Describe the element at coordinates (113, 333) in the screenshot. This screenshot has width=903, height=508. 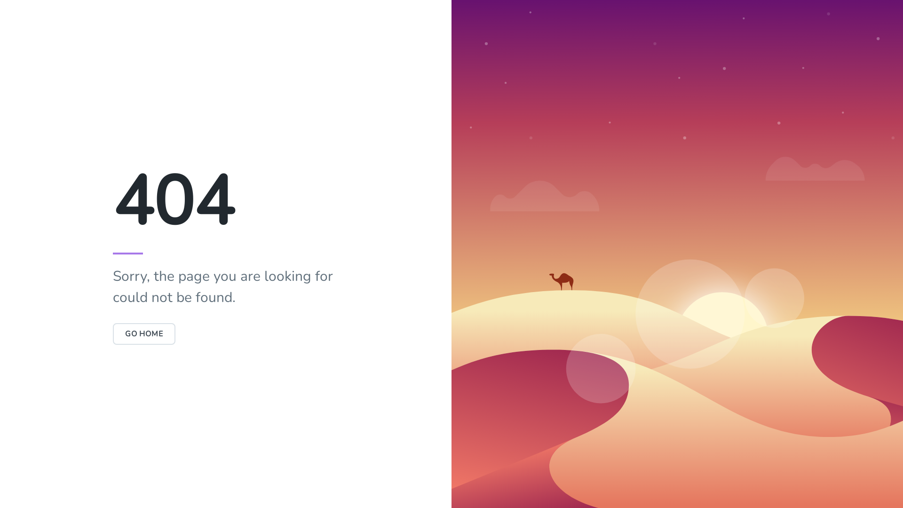
I see `'GO HOME'` at that location.